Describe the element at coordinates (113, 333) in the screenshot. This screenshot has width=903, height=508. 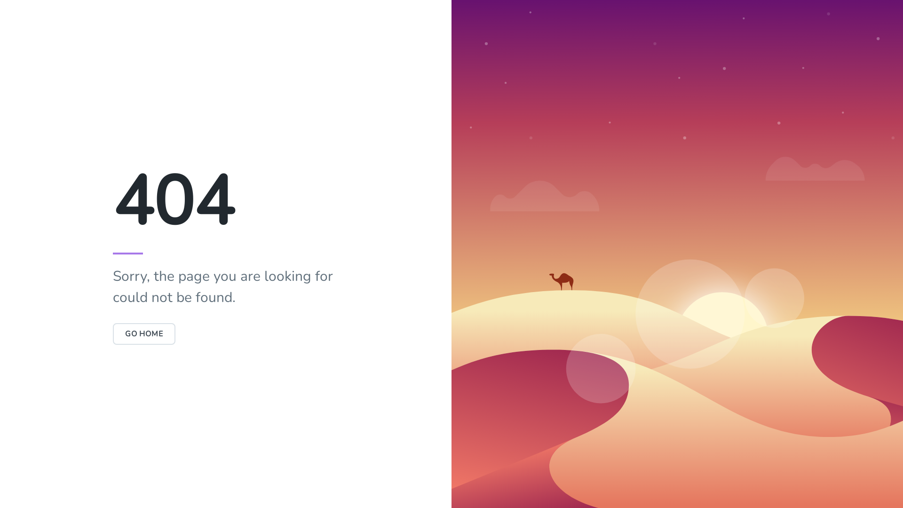
I see `'GO HOME'` at that location.